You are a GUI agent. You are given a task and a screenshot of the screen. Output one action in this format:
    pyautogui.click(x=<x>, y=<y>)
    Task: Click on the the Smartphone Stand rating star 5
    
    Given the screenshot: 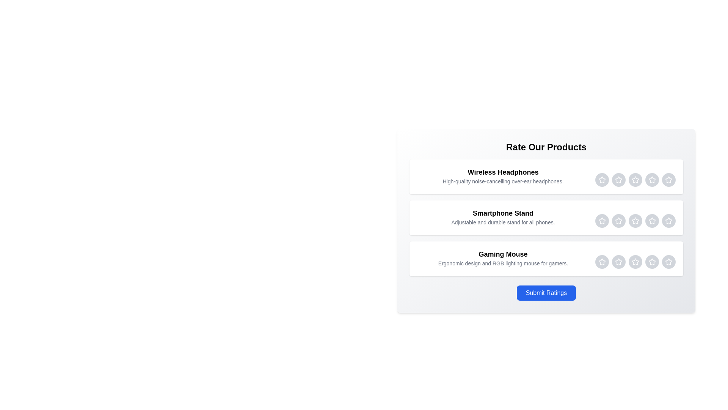 What is the action you would take?
    pyautogui.click(x=668, y=221)
    